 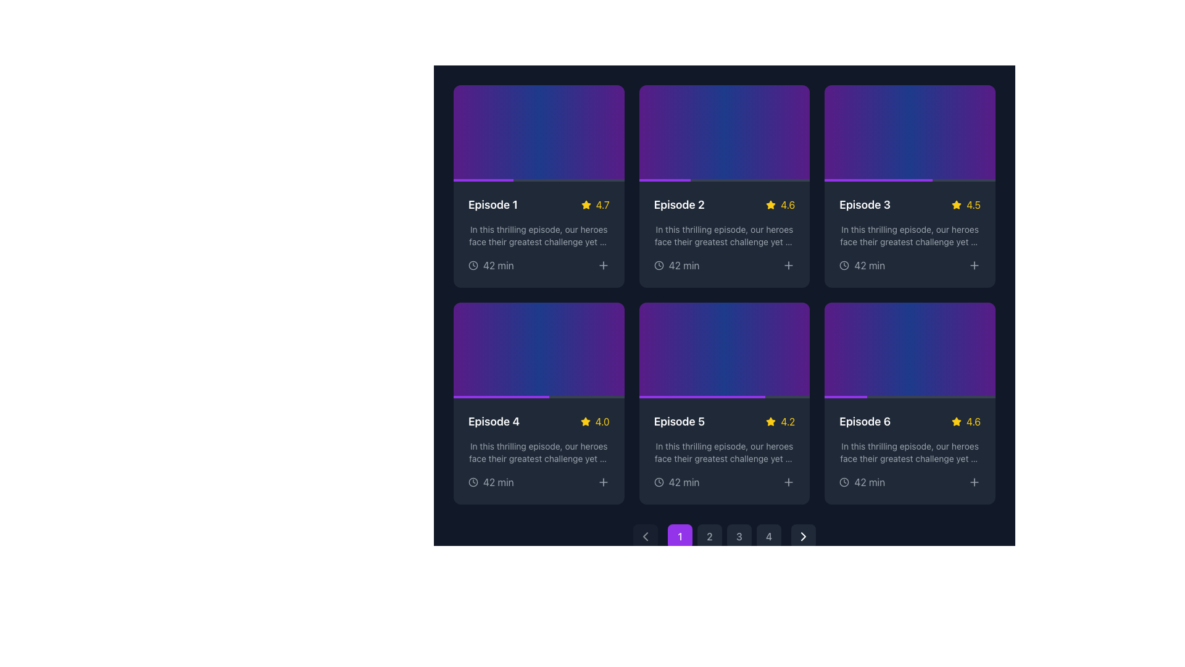 What do you see at coordinates (725, 403) in the screenshot?
I see `the fifth episode card in the grid layout` at bounding box center [725, 403].